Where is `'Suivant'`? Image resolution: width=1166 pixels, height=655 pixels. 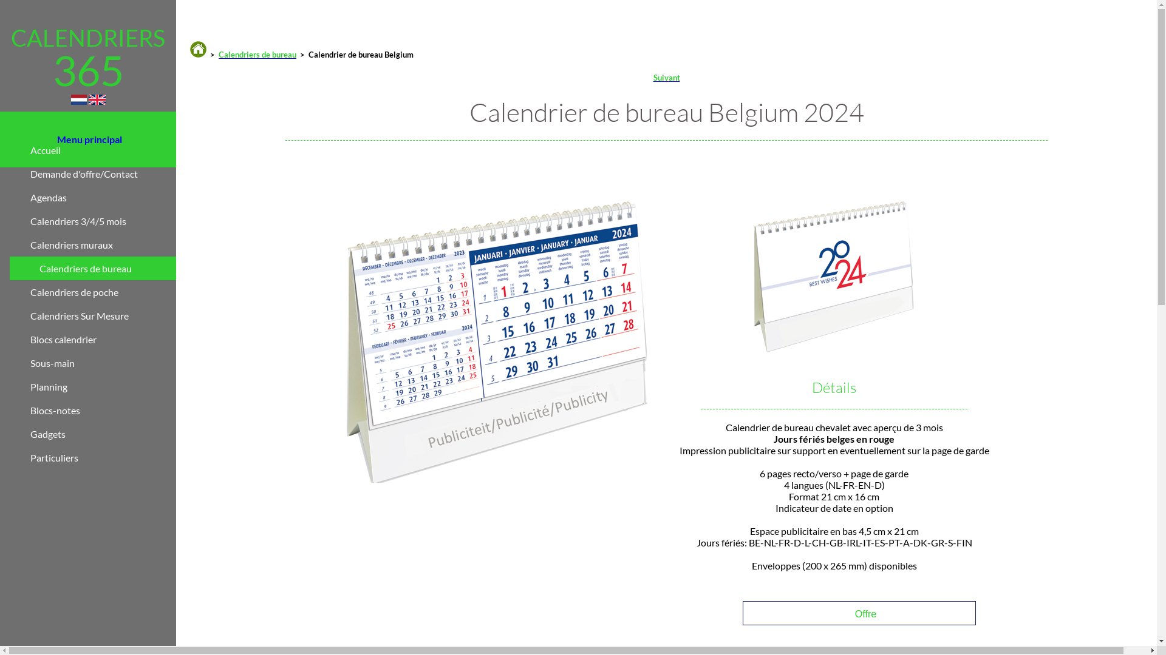 'Suivant' is located at coordinates (652, 77).